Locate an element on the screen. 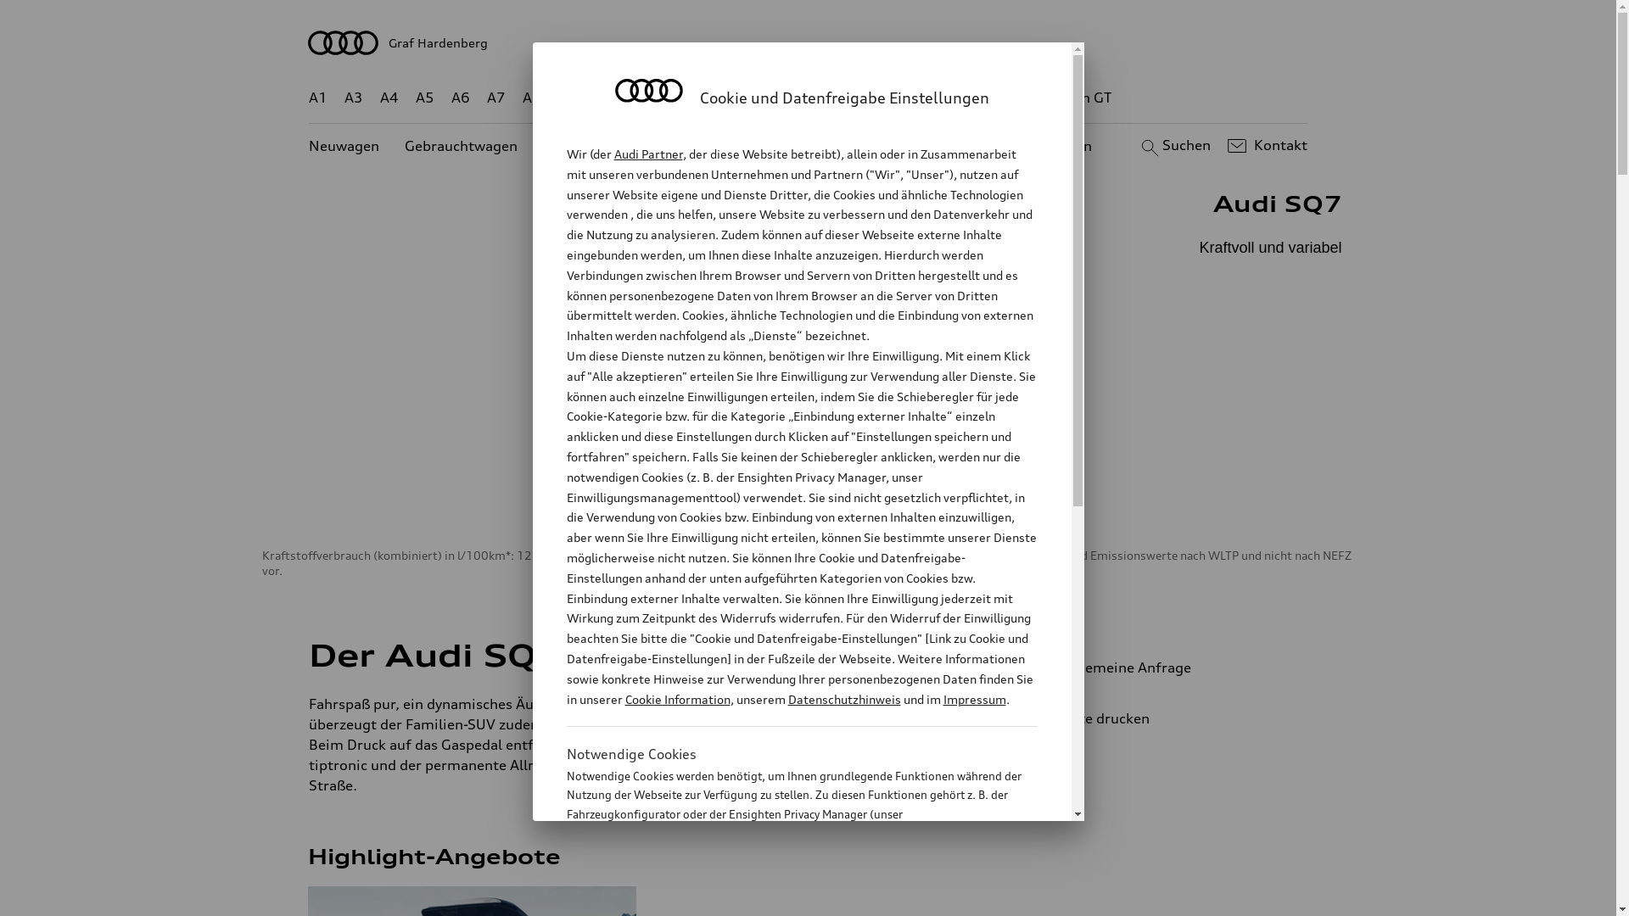  'A7' is located at coordinates (486, 98).